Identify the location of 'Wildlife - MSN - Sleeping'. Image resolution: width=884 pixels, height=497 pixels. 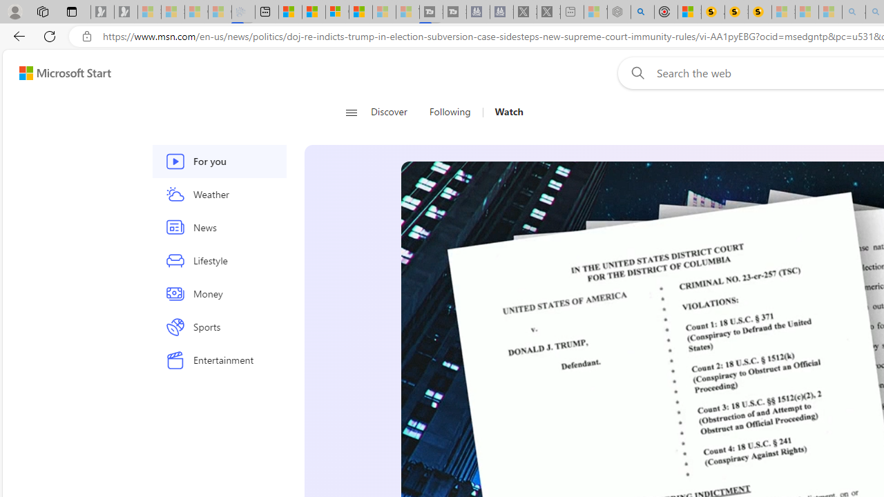
(595, 12).